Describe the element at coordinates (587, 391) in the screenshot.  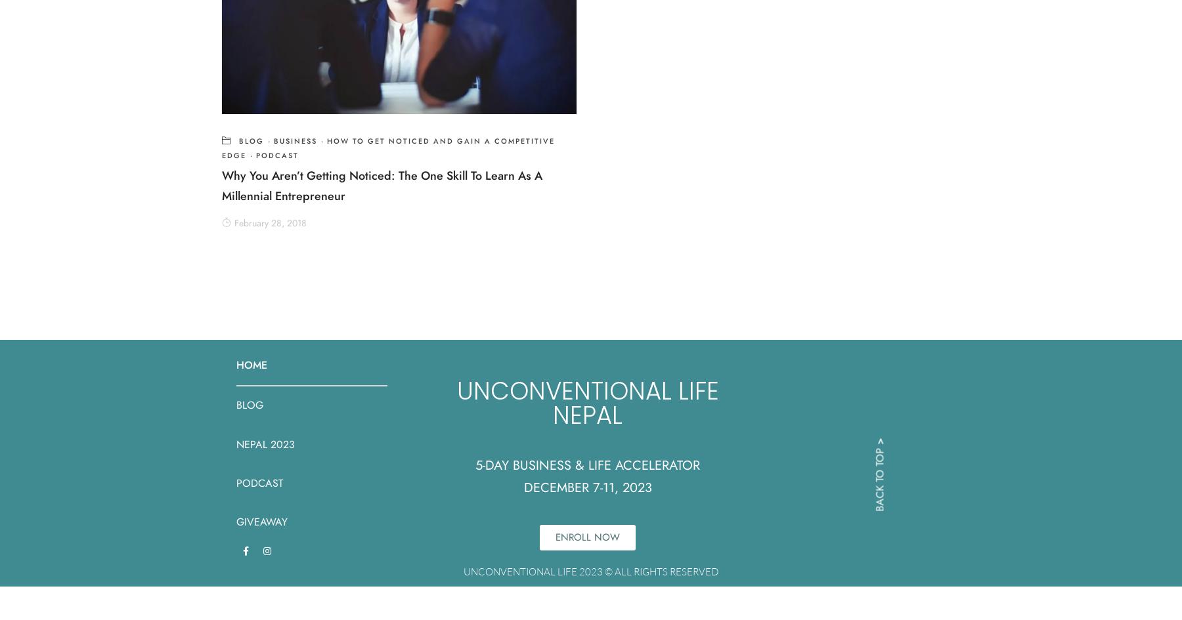
I see `'Unconventional Life'` at that location.